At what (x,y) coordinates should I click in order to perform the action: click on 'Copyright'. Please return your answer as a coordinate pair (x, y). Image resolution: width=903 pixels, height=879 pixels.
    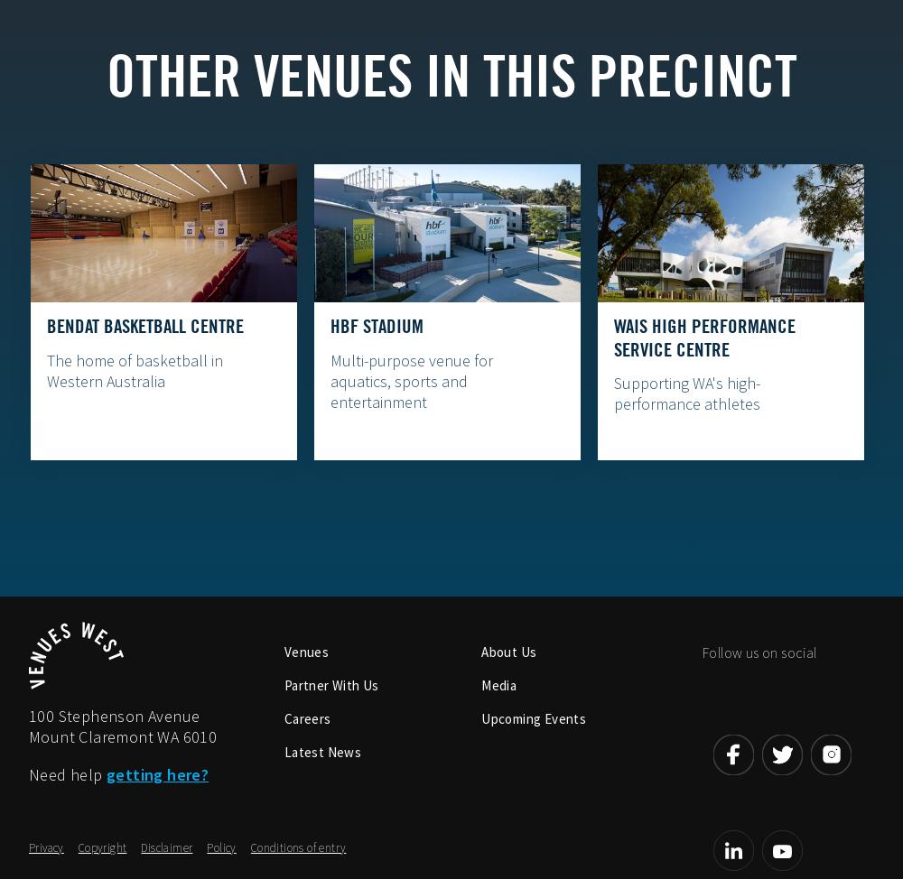
    Looking at the image, I should click on (101, 848).